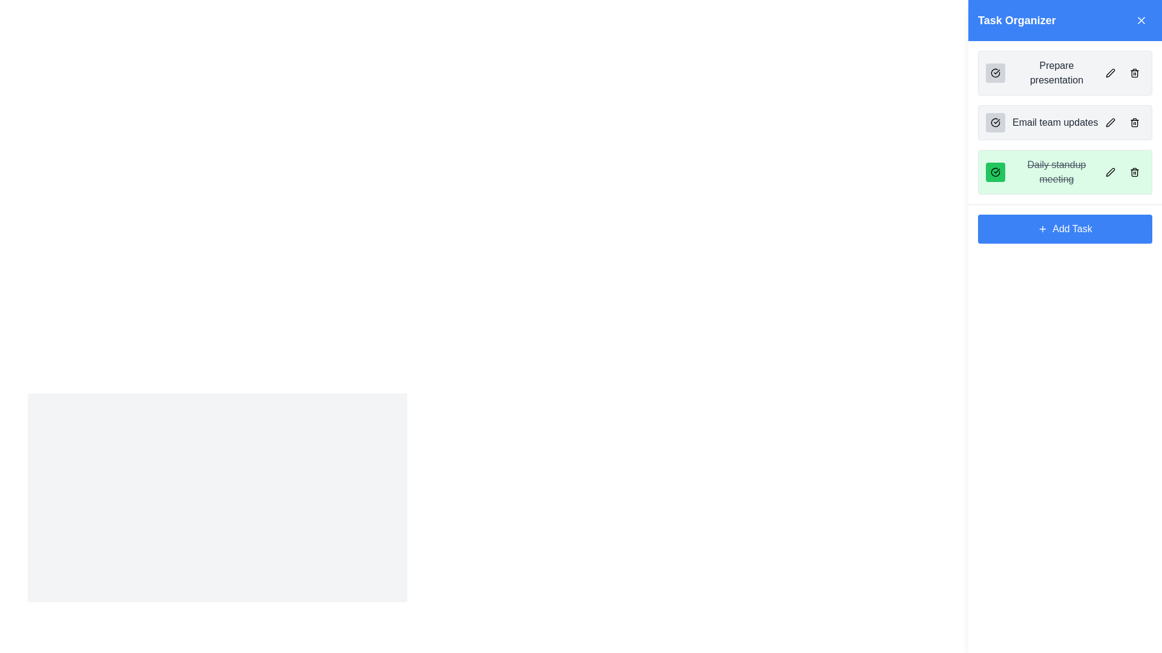 The width and height of the screenshot is (1162, 653). What do you see at coordinates (1110, 123) in the screenshot?
I see `the edit icon, which is a small black pencil icon located to the right of the task name in the second row of the task list, to initiate editing` at bounding box center [1110, 123].